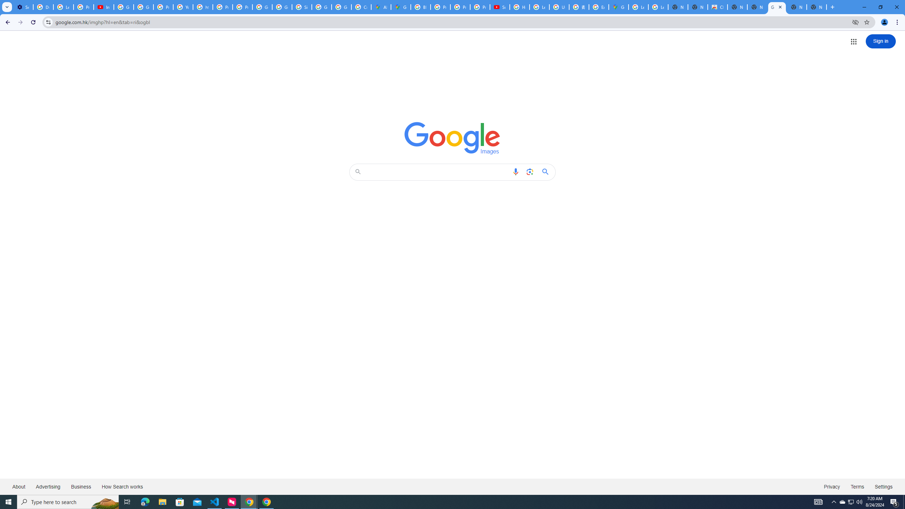 The image size is (905, 509). What do you see at coordinates (203, 7) in the screenshot?
I see `'https://scholar.google.com/'` at bounding box center [203, 7].